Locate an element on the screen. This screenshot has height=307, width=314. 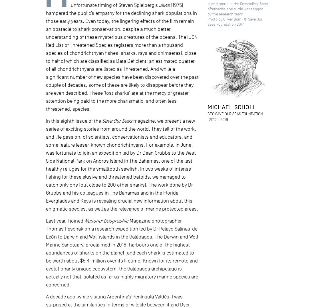
'Photo by Olivier Born | © Save Our Seas Foundation 2017' is located at coordinates (235, 22).